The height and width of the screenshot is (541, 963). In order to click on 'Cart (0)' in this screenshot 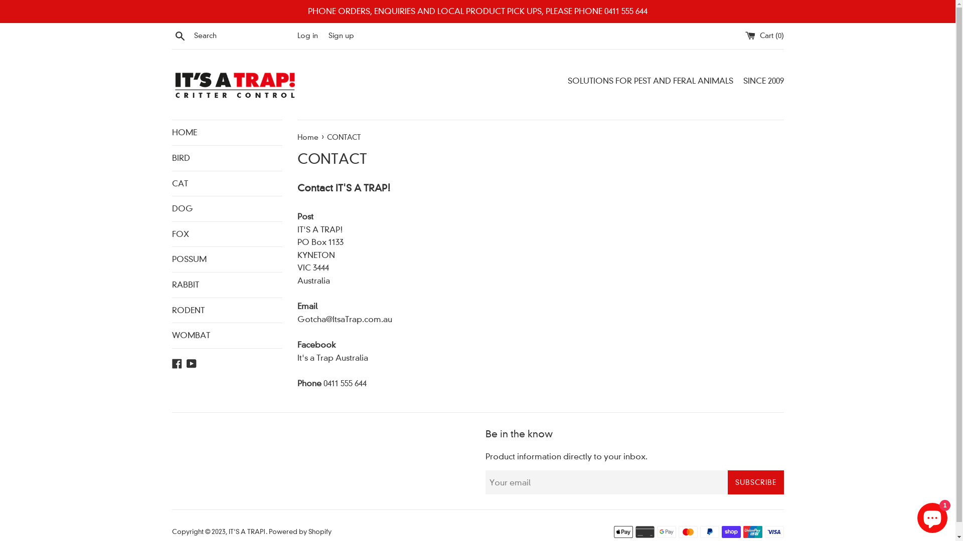, I will do `click(745, 35)`.